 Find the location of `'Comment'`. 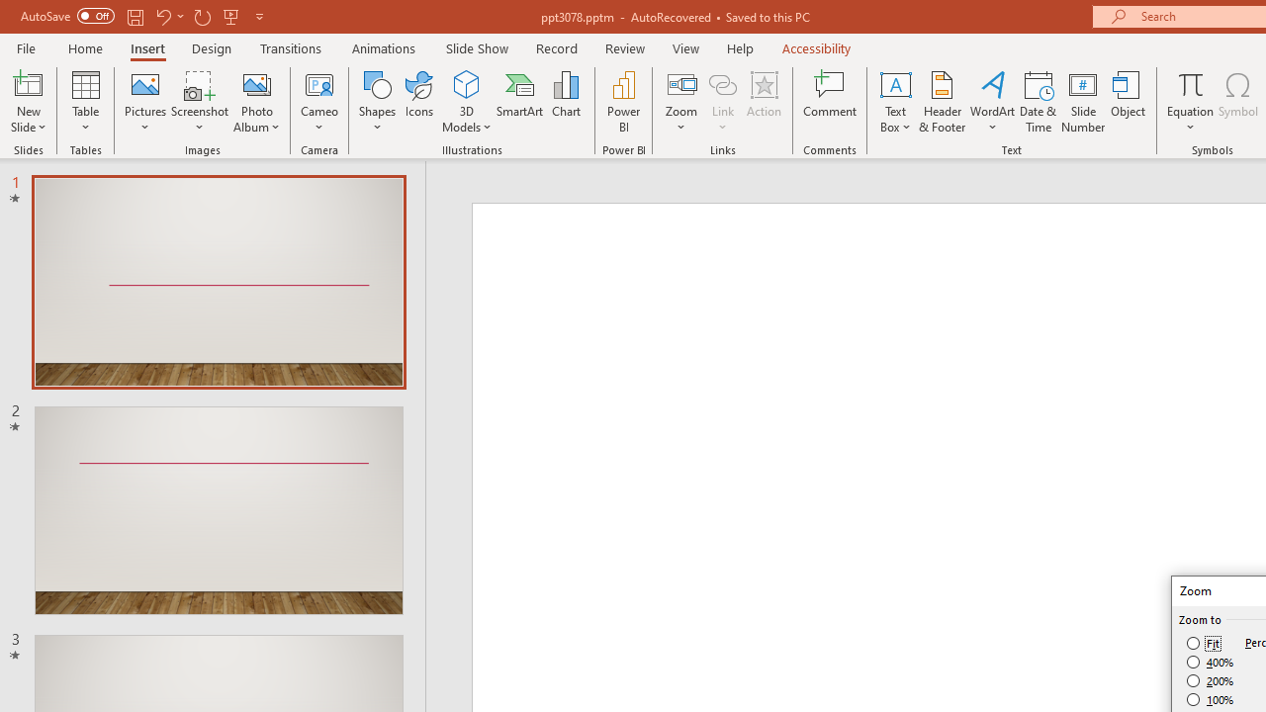

'Comment' is located at coordinates (830, 102).